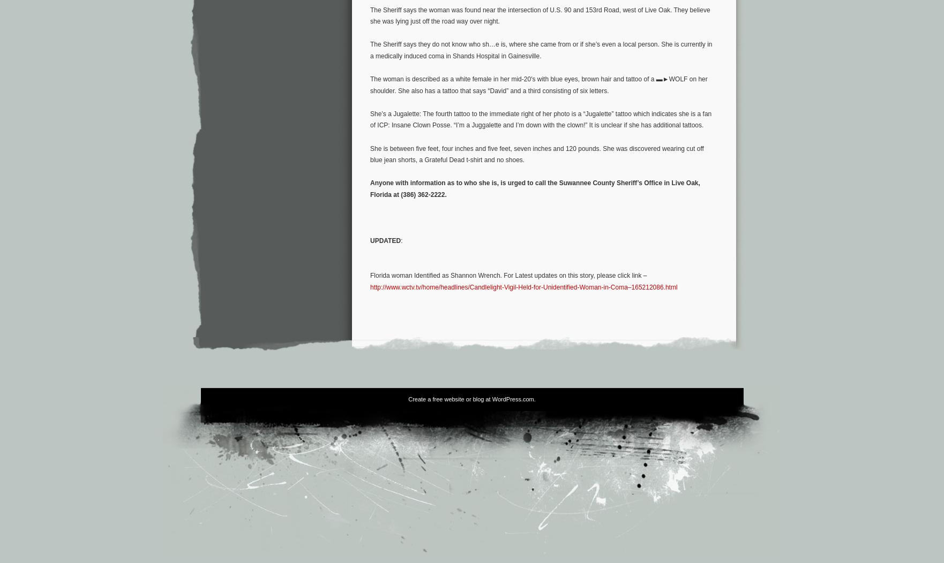  Describe the element at coordinates (537, 154) in the screenshot. I see `'She is between five feet, four inches and five feet, seven inches and 120 pounds. She was discovered wearing cut off blue jean shorts, a Grateful Dead t-shirt and no shoes.'` at that location.